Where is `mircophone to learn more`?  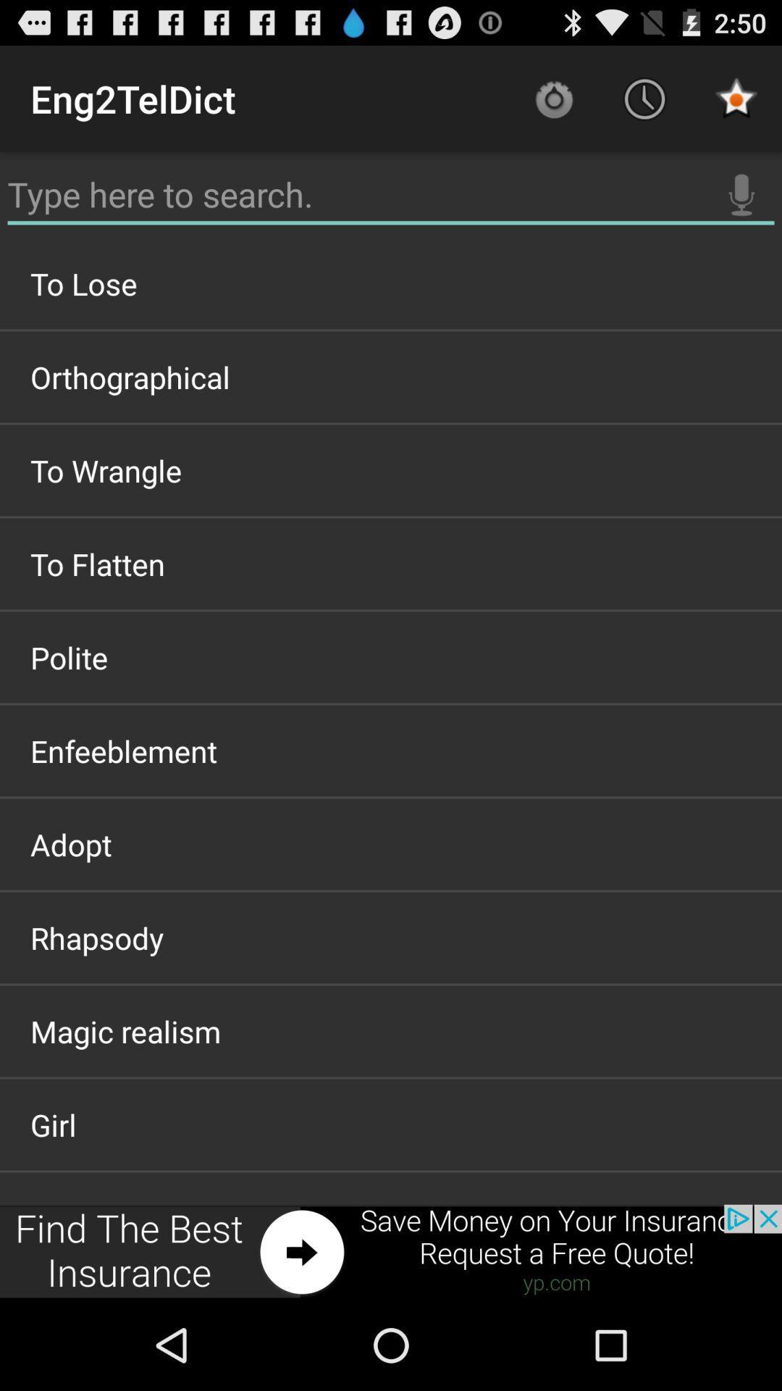 mircophone to learn more is located at coordinates (741, 194).